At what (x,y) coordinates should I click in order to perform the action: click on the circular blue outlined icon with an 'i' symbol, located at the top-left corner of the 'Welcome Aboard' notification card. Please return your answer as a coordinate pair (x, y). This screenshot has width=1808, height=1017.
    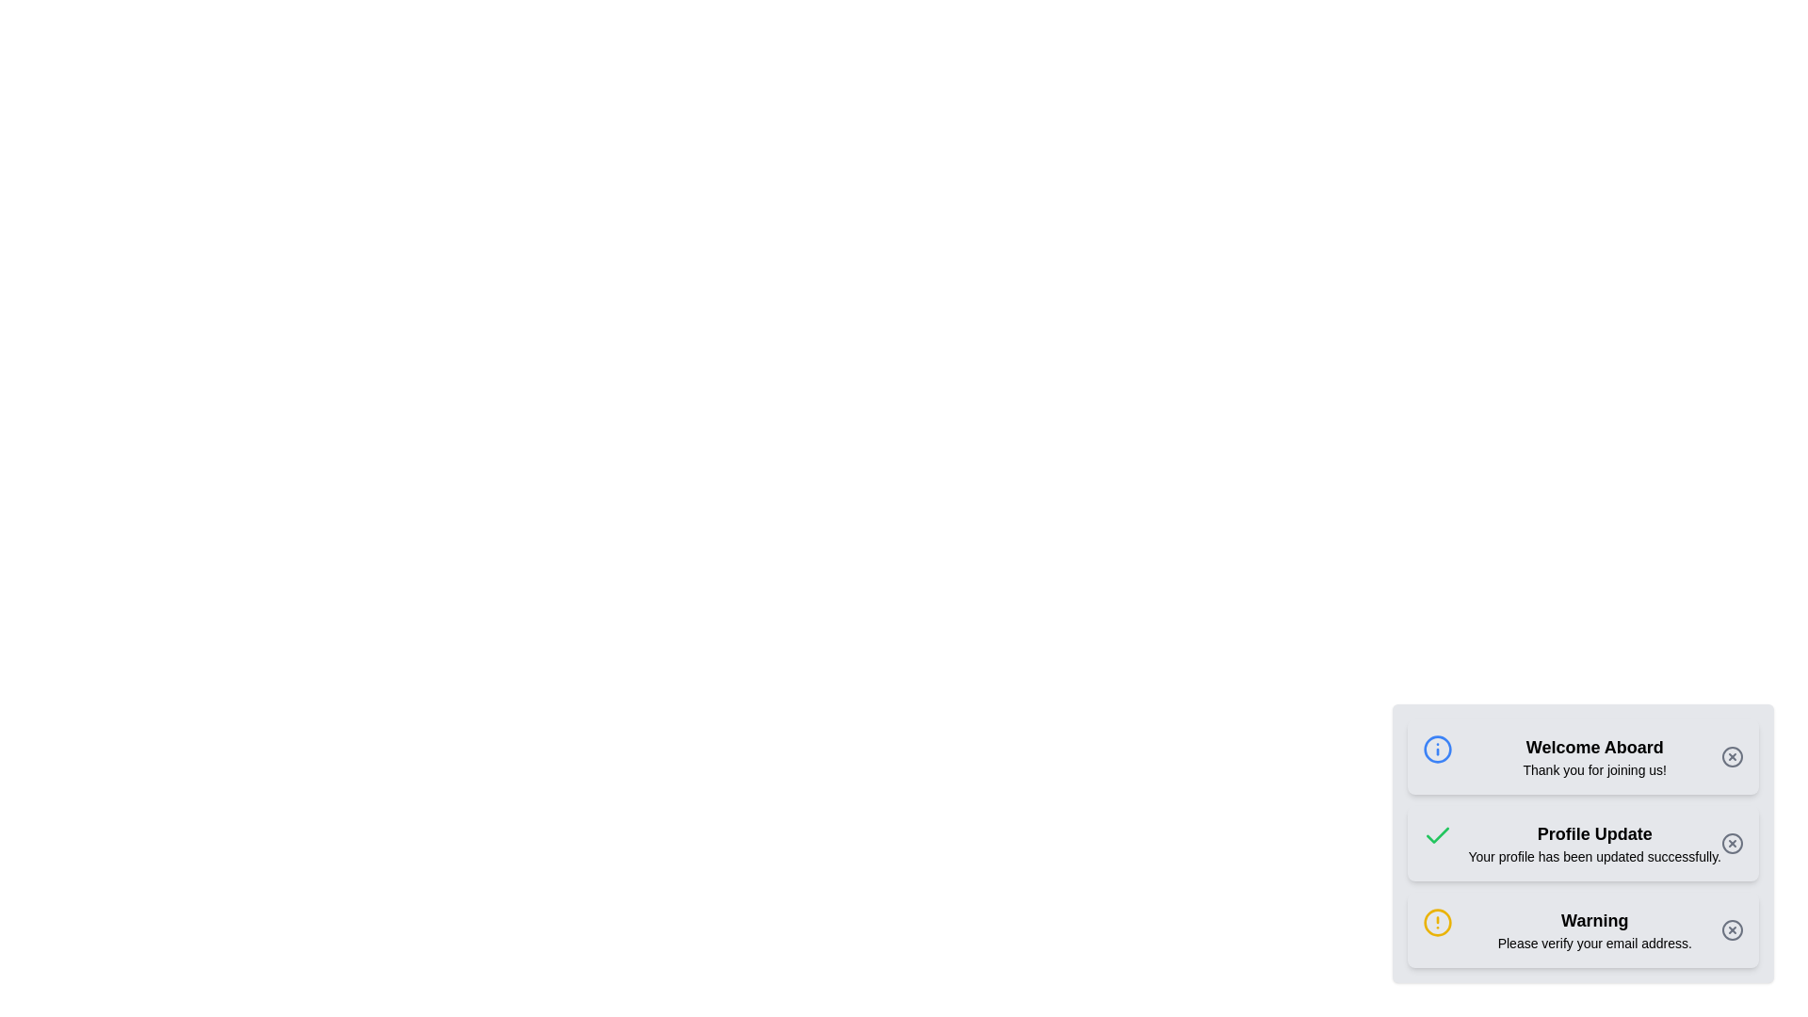
    Looking at the image, I should click on (1437, 748).